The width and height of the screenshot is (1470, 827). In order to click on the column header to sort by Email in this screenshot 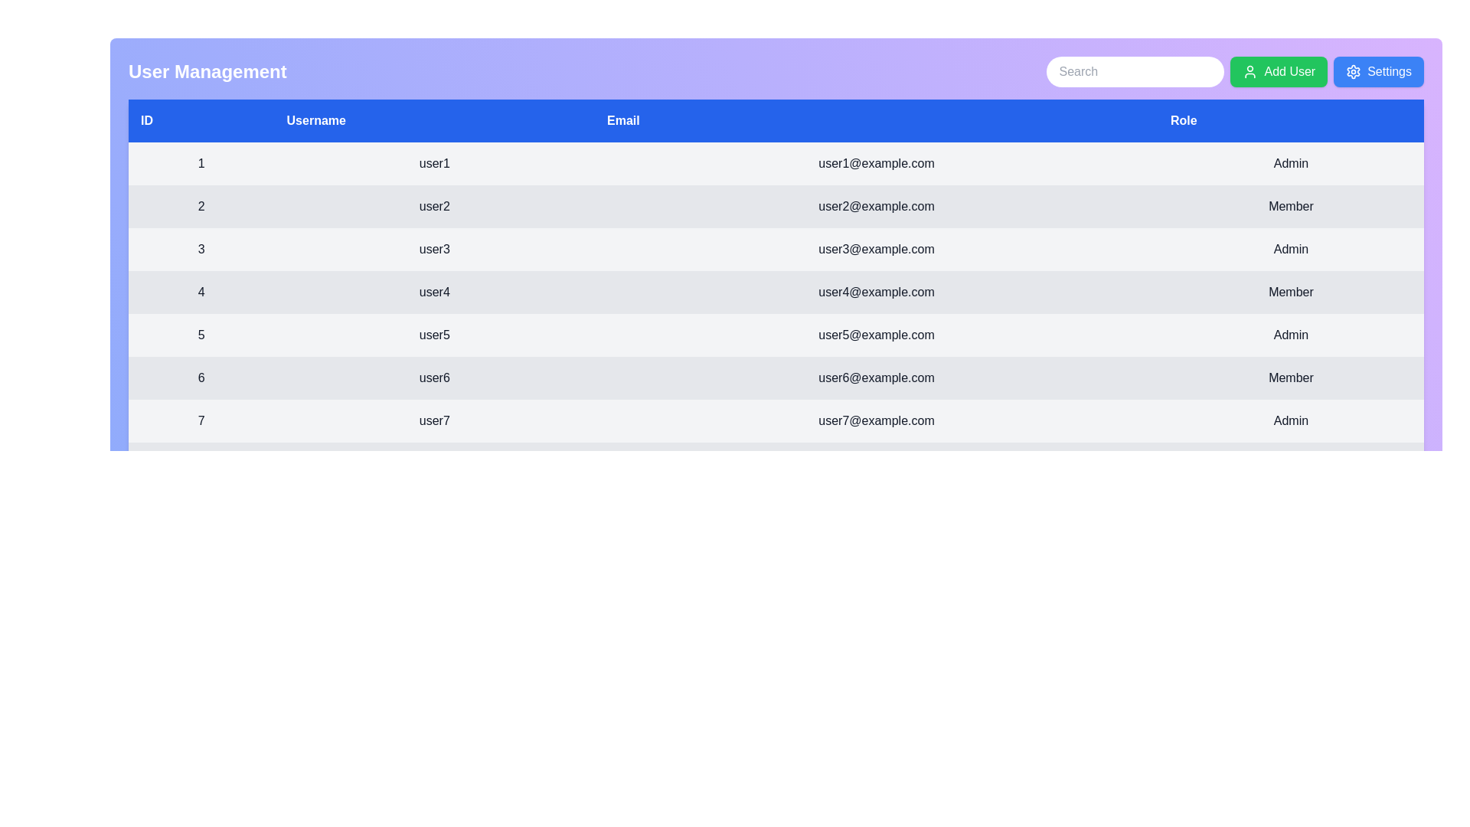, I will do `click(877, 120)`.